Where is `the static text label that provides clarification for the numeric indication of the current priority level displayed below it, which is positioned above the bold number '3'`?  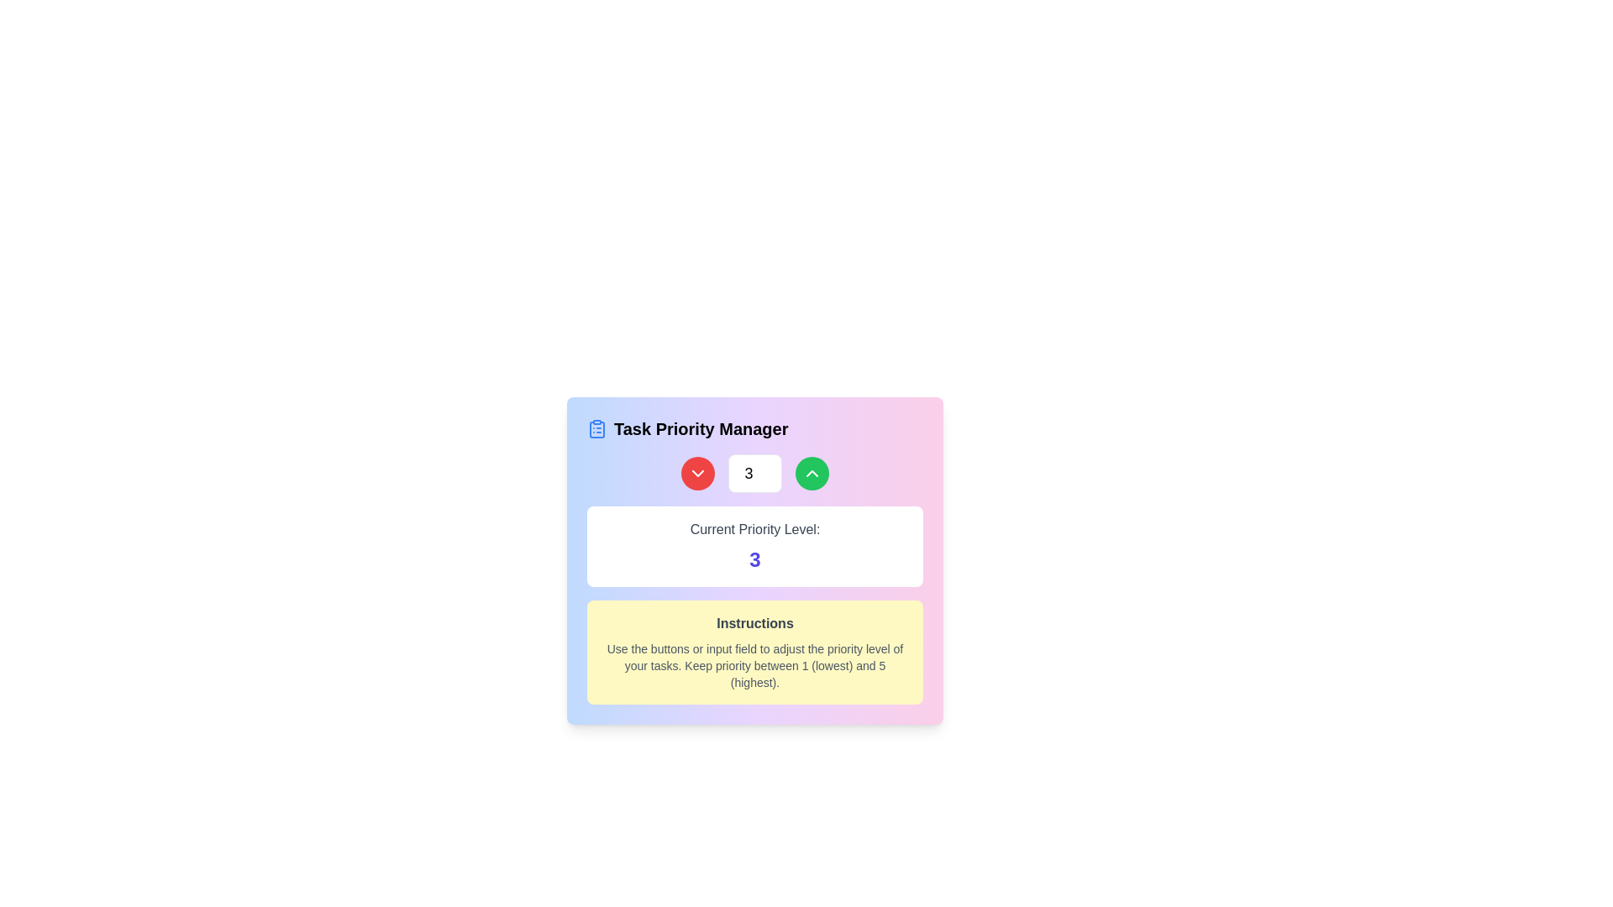
the static text label that provides clarification for the numeric indication of the current priority level displayed below it, which is positioned above the bold number '3' is located at coordinates (754, 530).